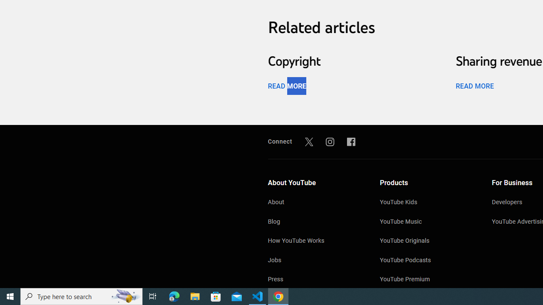  I want to click on 'YouTube Kids', so click(427, 203).